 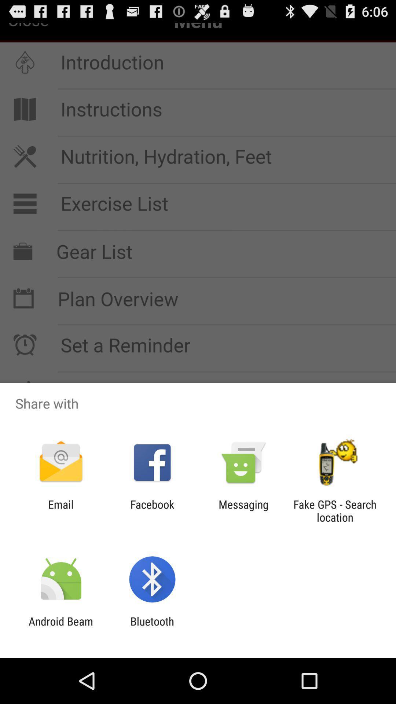 I want to click on item next to the fake gps search, so click(x=243, y=510).